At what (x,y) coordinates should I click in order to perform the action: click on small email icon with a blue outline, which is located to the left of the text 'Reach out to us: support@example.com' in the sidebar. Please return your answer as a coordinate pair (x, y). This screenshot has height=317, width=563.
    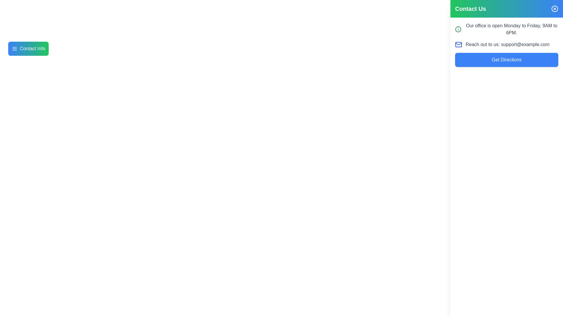
    Looking at the image, I should click on (458, 44).